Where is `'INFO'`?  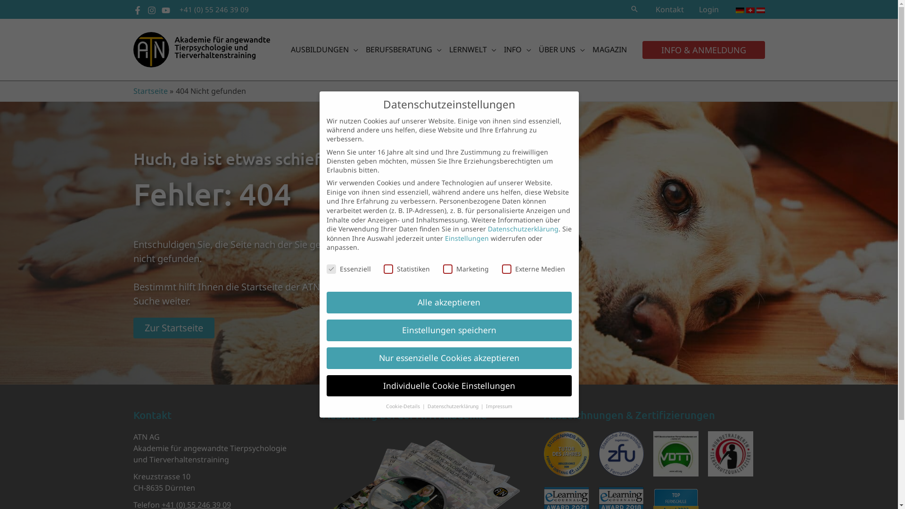 'INFO' is located at coordinates (517, 49).